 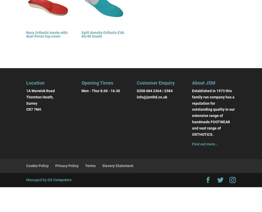 What do you see at coordinates (26, 166) in the screenshot?
I see `'Cookie Policy'` at bounding box center [26, 166].